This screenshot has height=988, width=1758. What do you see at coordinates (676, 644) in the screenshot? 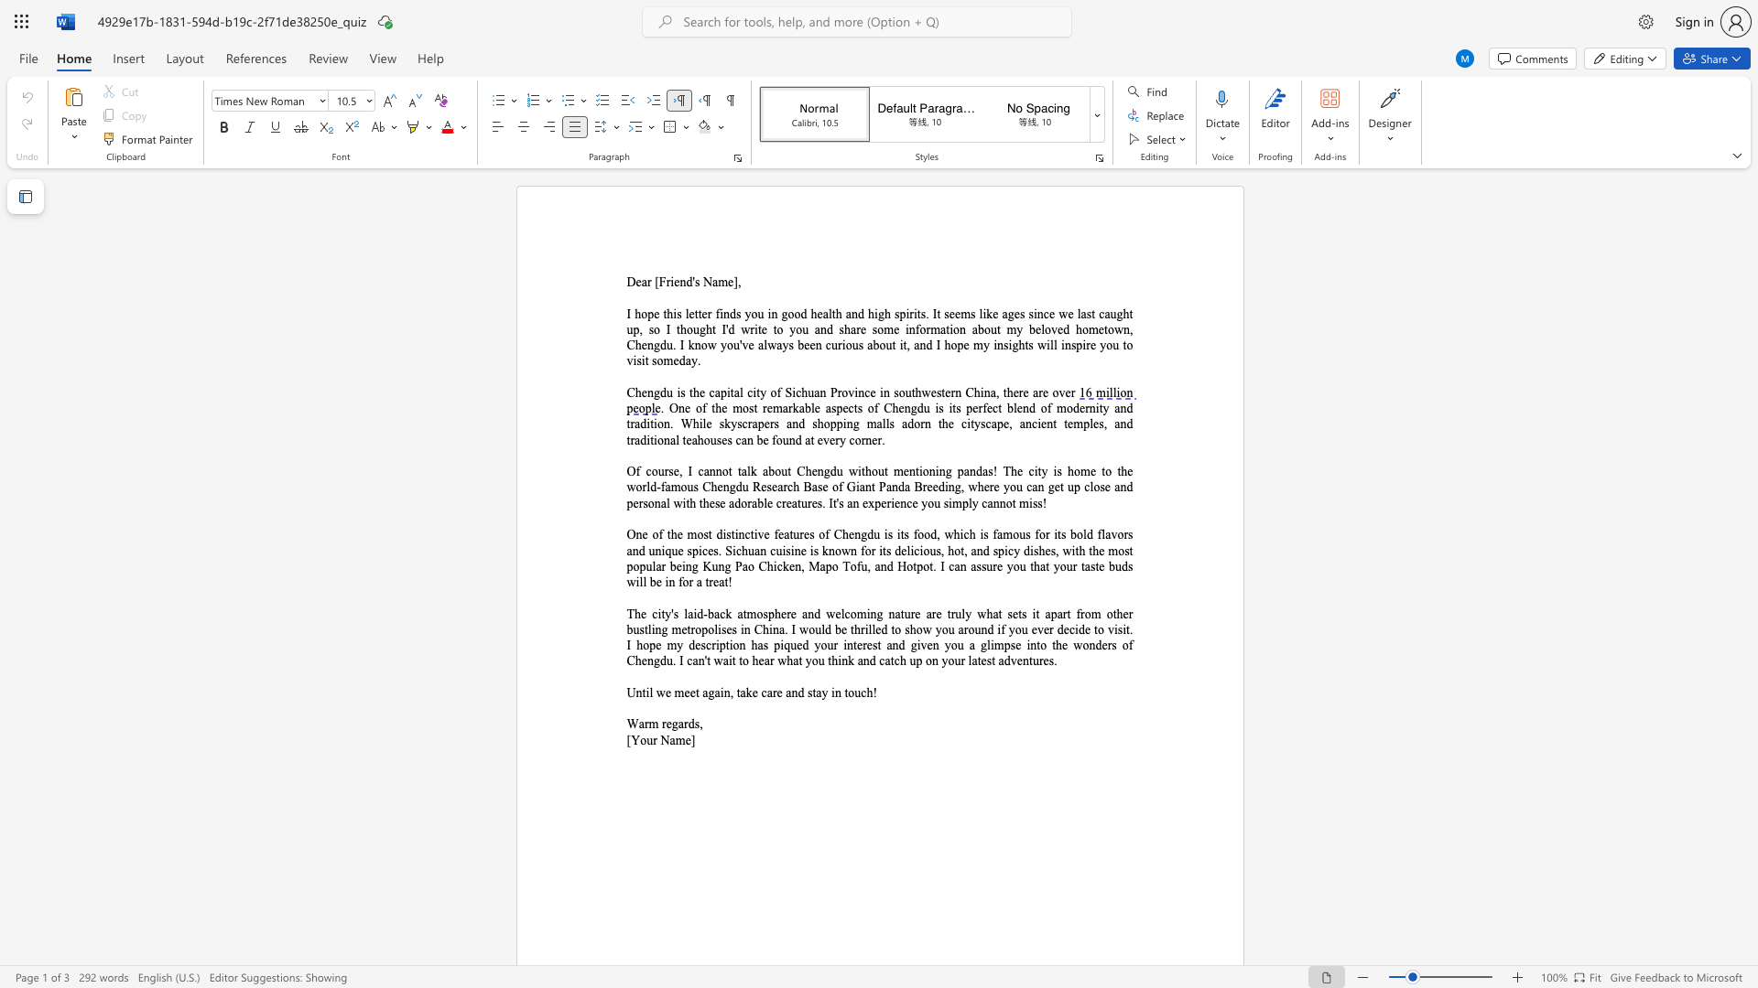
I see `the subset text "y description has piqued your interest and given you a glimpse into the wonde" within the text "The city"` at bounding box center [676, 644].